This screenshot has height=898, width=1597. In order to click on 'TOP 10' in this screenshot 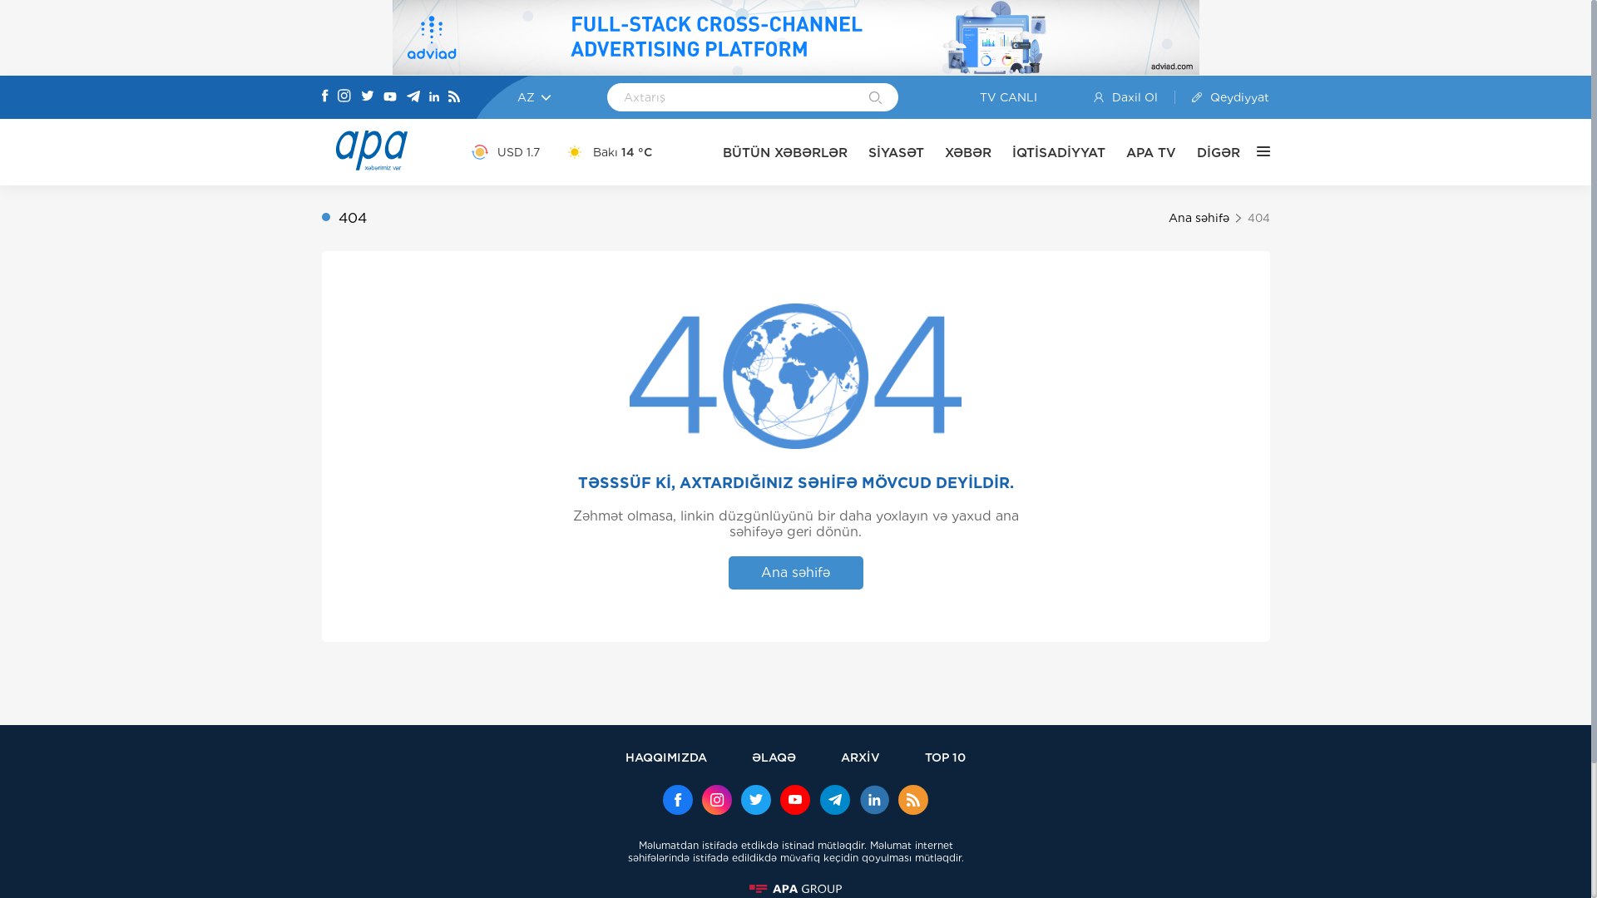, I will do `click(945, 757)`.